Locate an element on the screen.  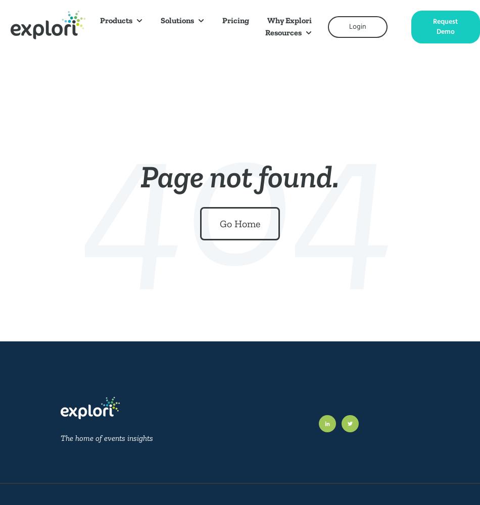
'Solutions' is located at coordinates (177, 20).